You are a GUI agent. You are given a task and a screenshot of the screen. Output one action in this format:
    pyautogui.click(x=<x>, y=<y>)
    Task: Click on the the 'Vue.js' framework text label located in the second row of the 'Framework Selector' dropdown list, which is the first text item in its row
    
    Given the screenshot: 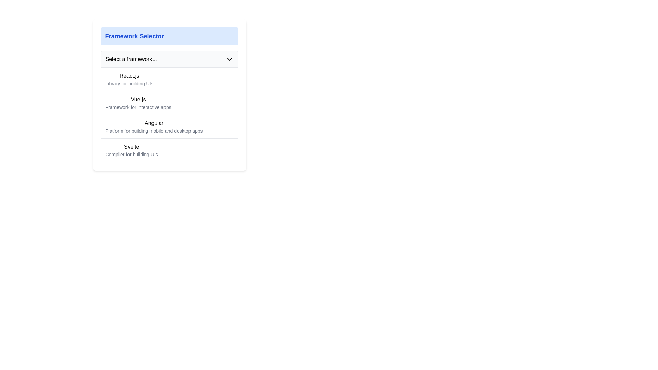 What is the action you would take?
    pyautogui.click(x=138, y=99)
    